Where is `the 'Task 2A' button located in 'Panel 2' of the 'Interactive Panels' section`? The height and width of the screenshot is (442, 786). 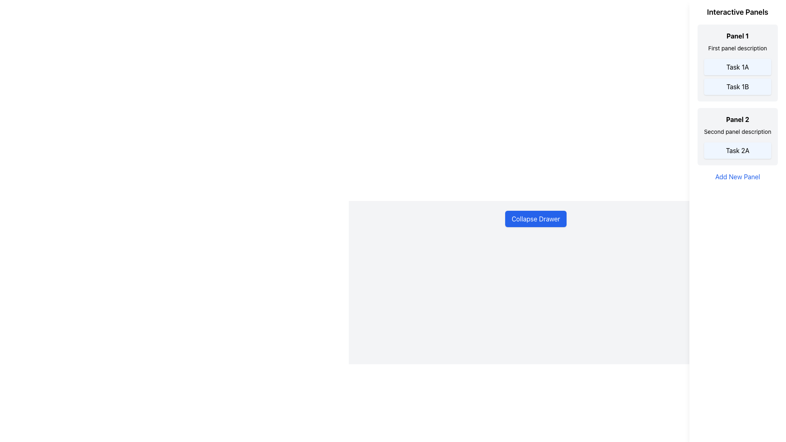 the 'Task 2A' button located in 'Panel 2' of the 'Interactive Panels' section is located at coordinates (737, 150).